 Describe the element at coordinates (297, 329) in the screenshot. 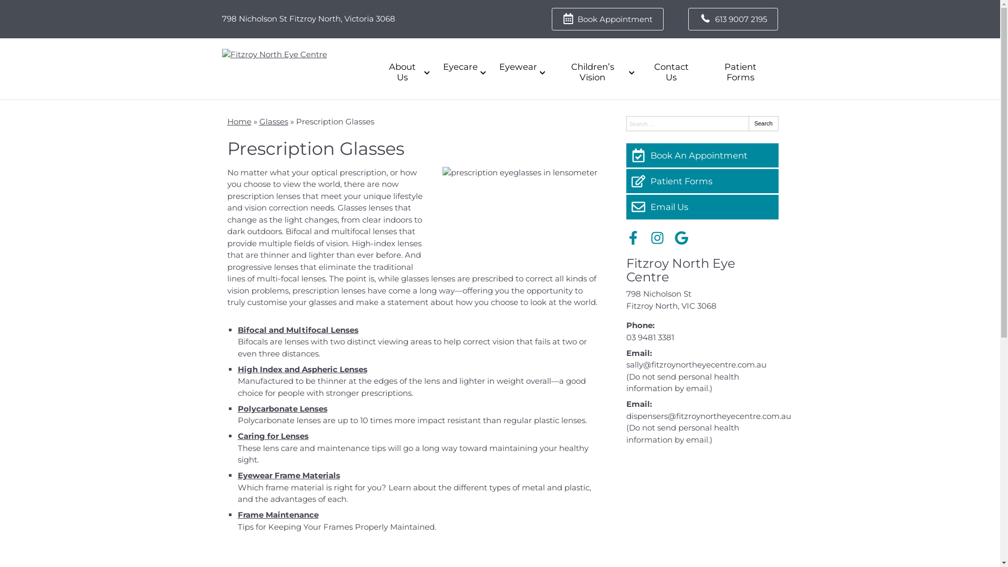

I see `'Bifocal and Multifocal Lenses'` at that location.